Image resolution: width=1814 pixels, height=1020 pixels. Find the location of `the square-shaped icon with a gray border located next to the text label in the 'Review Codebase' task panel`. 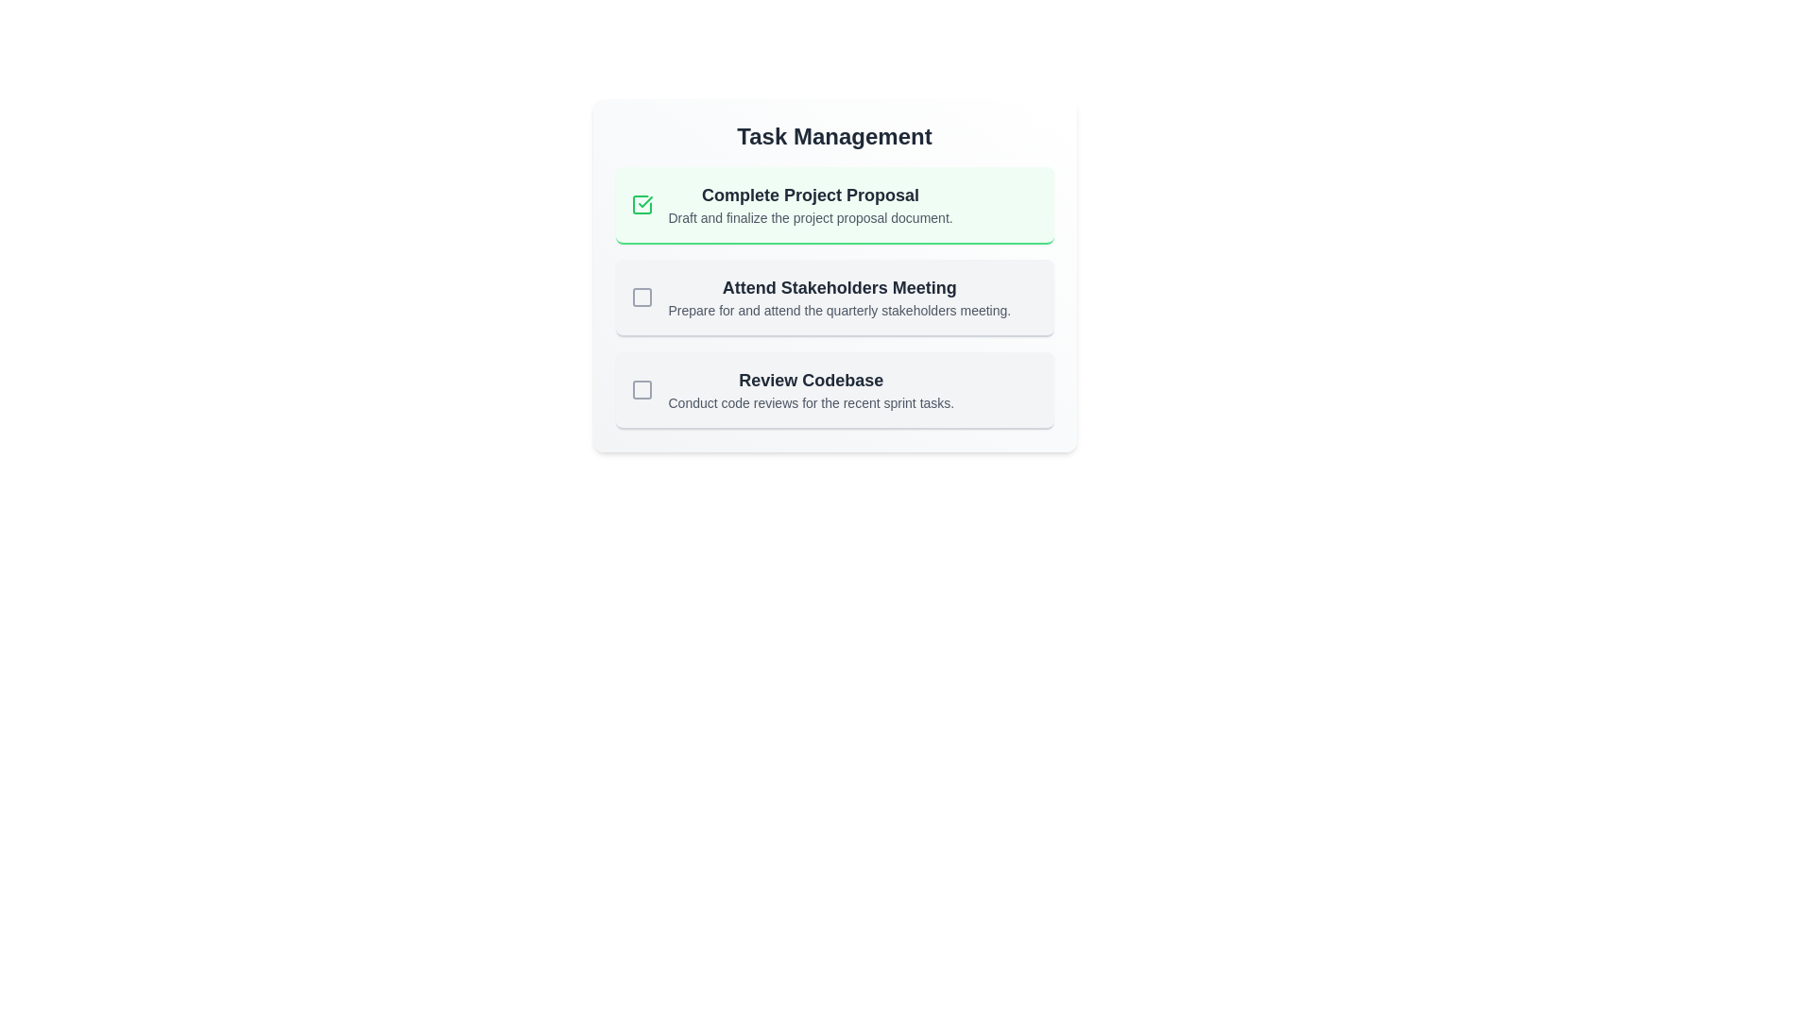

the square-shaped icon with a gray border located next to the text label in the 'Review Codebase' task panel is located at coordinates (642, 388).